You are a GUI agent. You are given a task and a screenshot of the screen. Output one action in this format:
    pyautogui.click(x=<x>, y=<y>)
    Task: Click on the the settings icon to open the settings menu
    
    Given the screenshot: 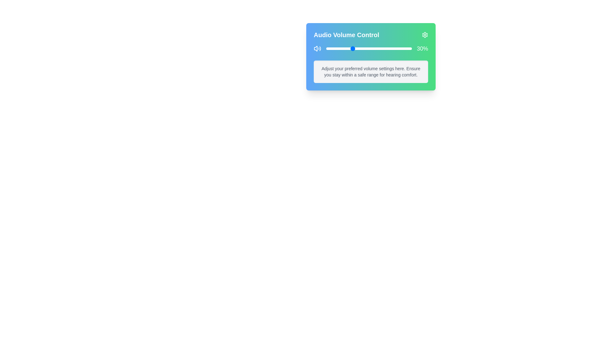 What is the action you would take?
    pyautogui.click(x=425, y=35)
    